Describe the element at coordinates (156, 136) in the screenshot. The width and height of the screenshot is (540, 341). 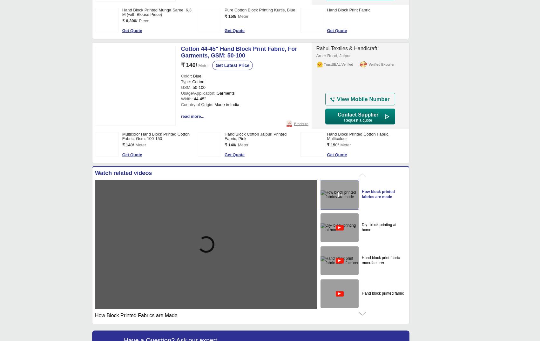
I see `'Multicolor Hand Block Printed Cotton Fabric, Gsm: 100-150'` at that location.